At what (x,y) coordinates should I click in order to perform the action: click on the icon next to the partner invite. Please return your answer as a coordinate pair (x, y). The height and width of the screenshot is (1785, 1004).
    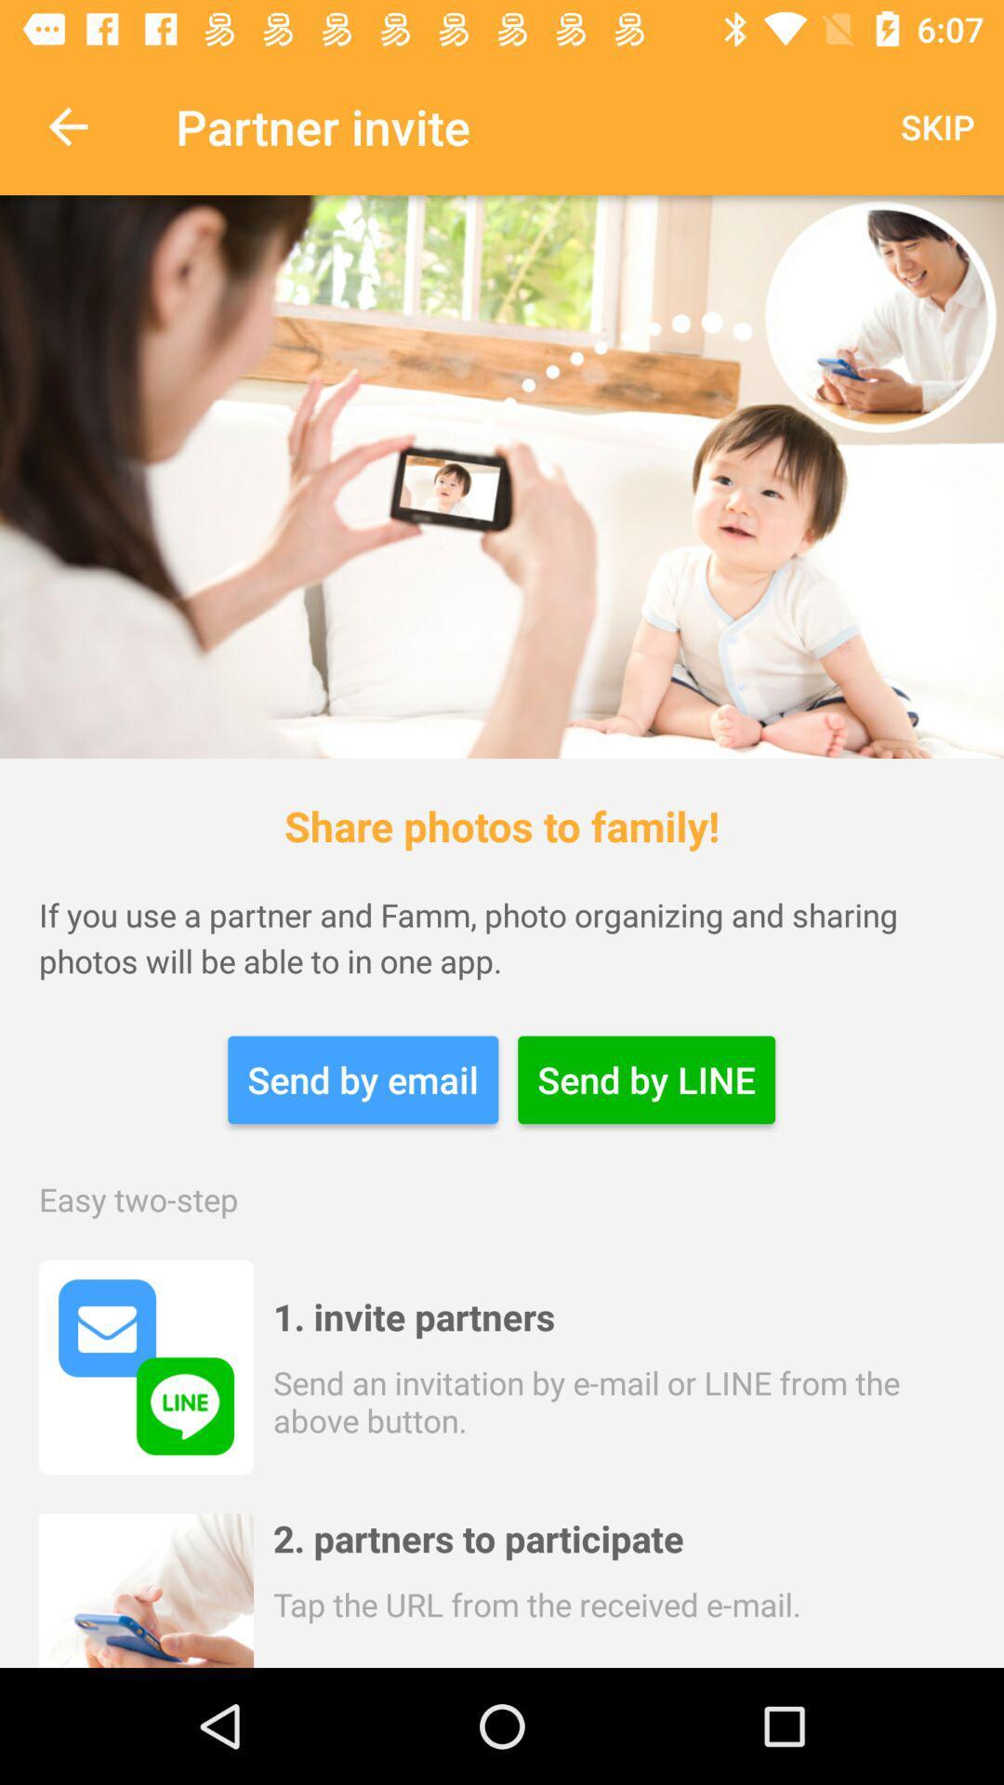
    Looking at the image, I should click on (937, 126).